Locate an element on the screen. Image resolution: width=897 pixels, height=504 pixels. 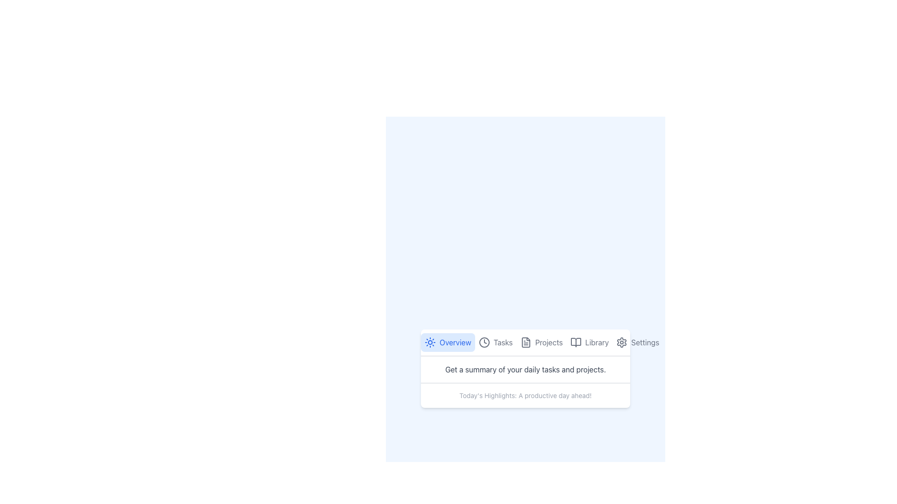
the third navigation item in the navigation bar is located at coordinates (525, 342).